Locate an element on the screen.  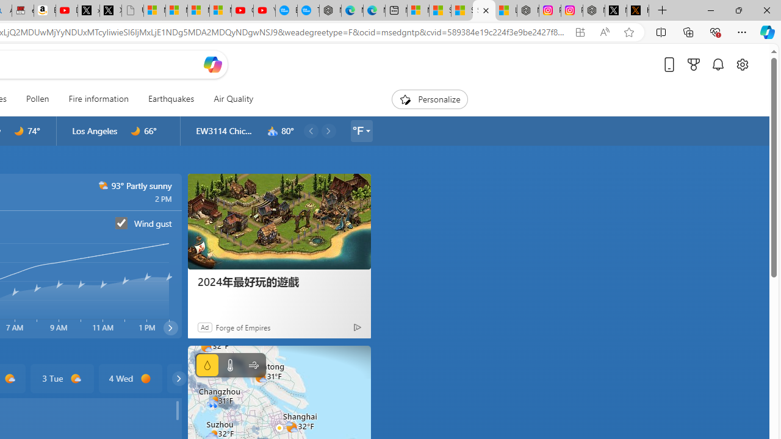
'4 Wed d0000' is located at coordinates (130, 378).